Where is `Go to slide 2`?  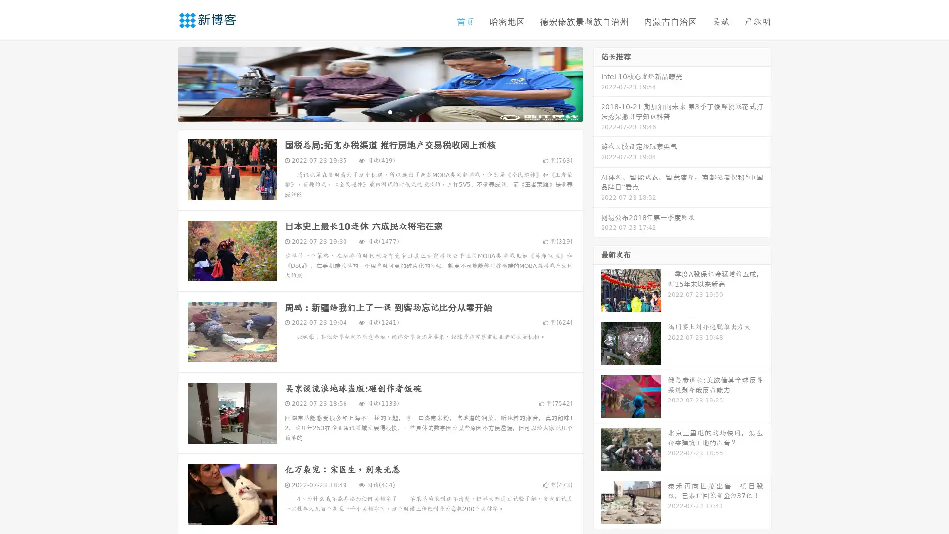
Go to slide 2 is located at coordinates (380, 111).